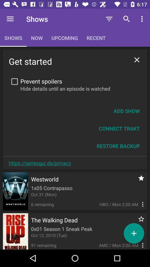 The height and width of the screenshot is (267, 150). I want to click on the item next to the restore backup icon, so click(39, 163).